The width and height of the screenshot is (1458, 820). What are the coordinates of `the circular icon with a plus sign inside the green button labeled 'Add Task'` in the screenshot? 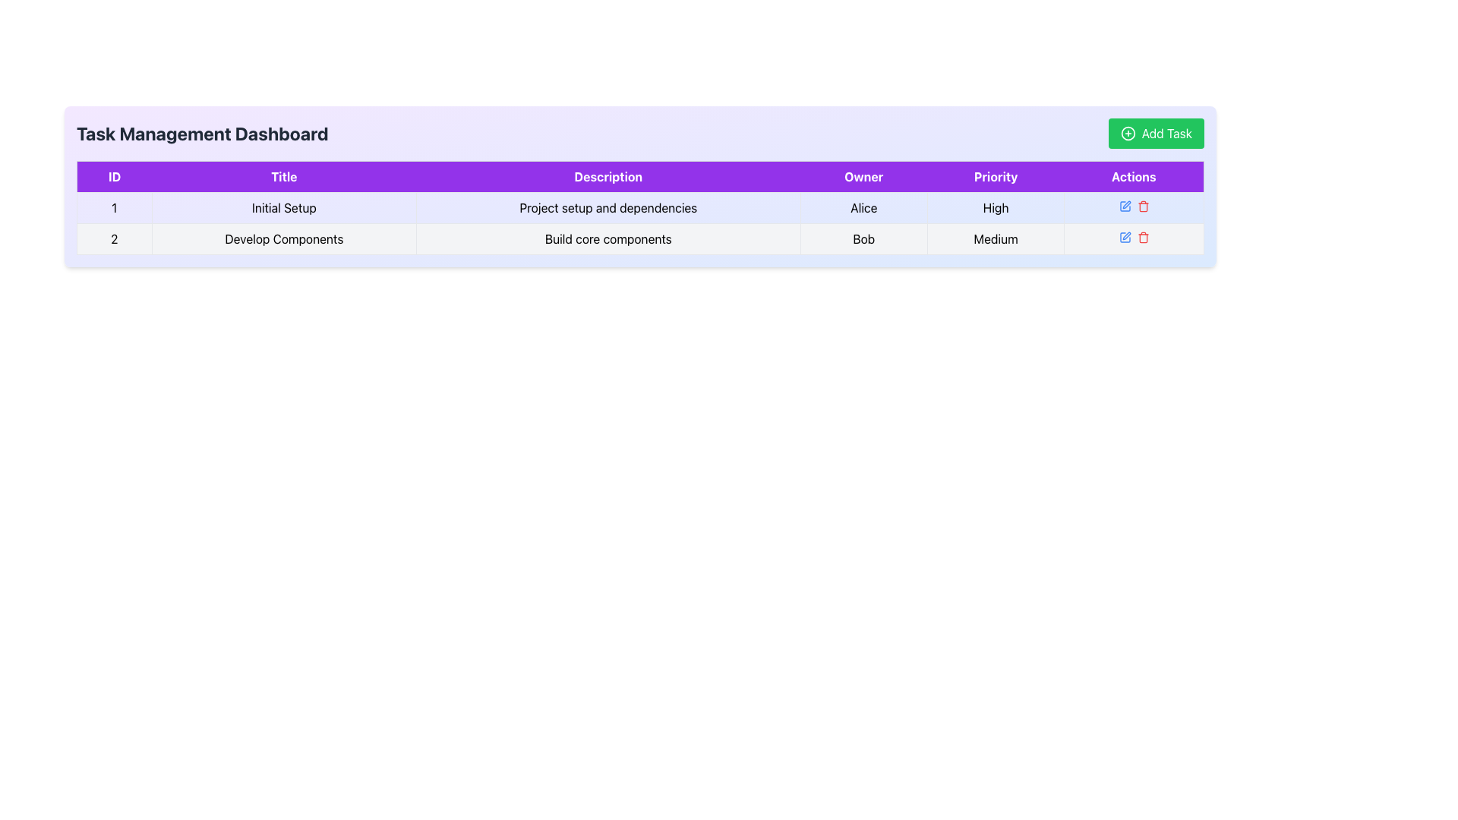 It's located at (1128, 133).